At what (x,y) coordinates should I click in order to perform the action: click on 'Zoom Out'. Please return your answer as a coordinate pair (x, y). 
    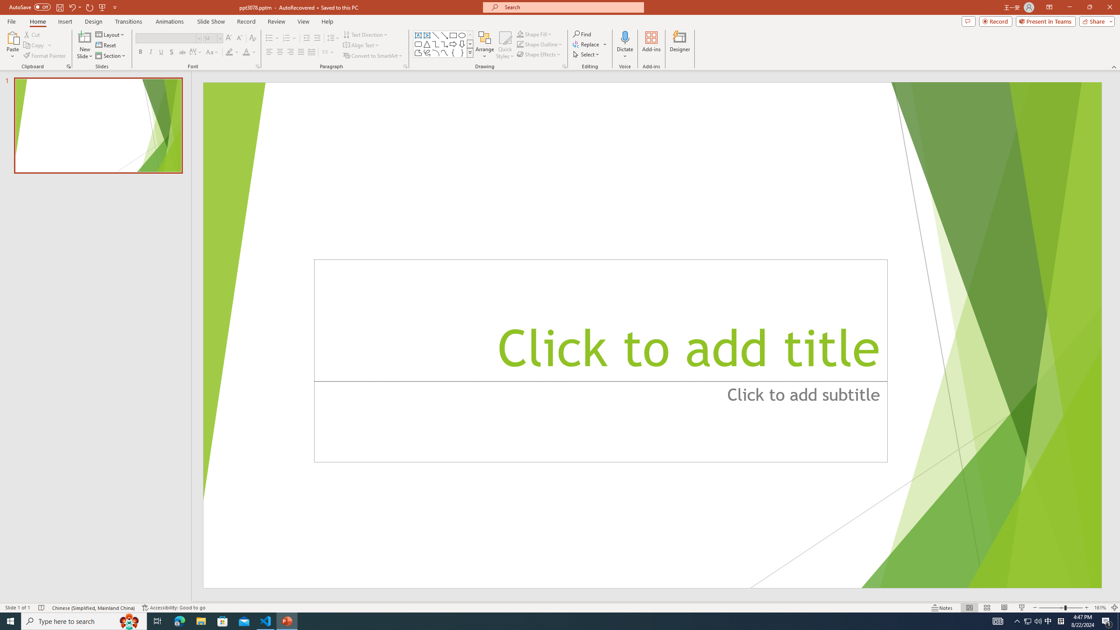
    Looking at the image, I should click on (1051, 608).